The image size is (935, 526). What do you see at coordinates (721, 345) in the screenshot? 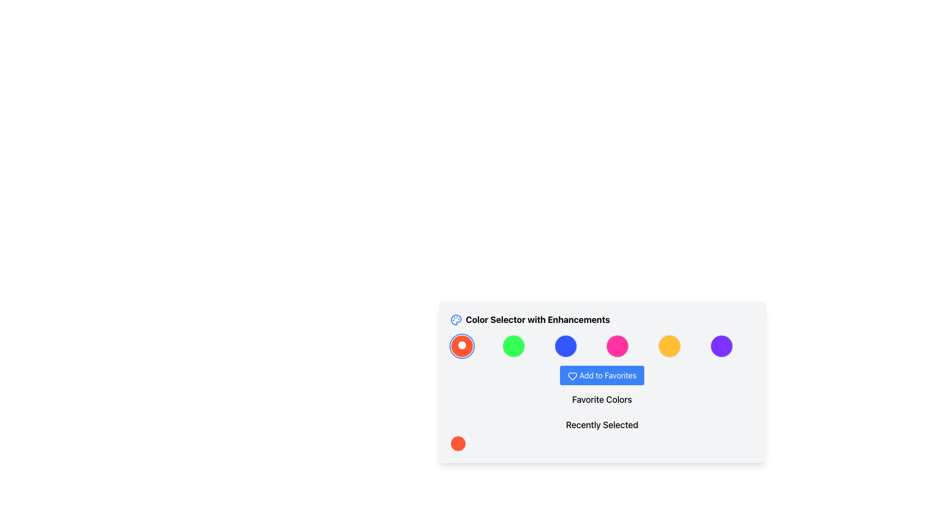
I see `the sixth circular element with a purple background located at the far right of the grid layout` at bounding box center [721, 345].